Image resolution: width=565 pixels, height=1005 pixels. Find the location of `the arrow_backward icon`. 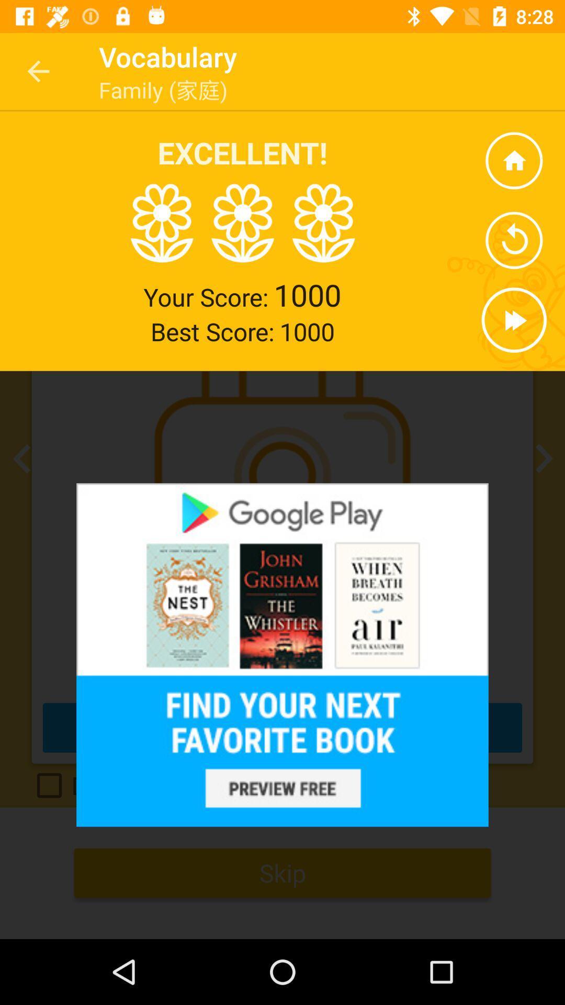

the arrow_backward icon is located at coordinates (25, 459).